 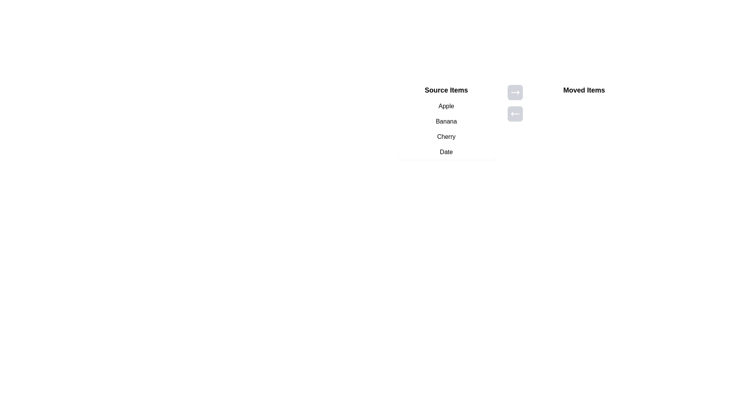 What do you see at coordinates (515, 103) in the screenshot?
I see `the bottom button with the left-pointing arrow to move items from the 'Moved Items' list back to the 'Source Items' list` at bounding box center [515, 103].